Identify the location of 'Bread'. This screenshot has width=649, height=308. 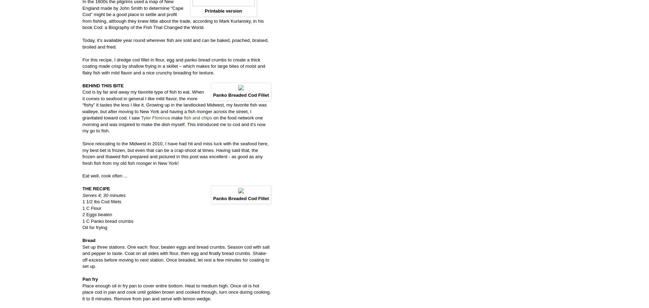
(88, 240).